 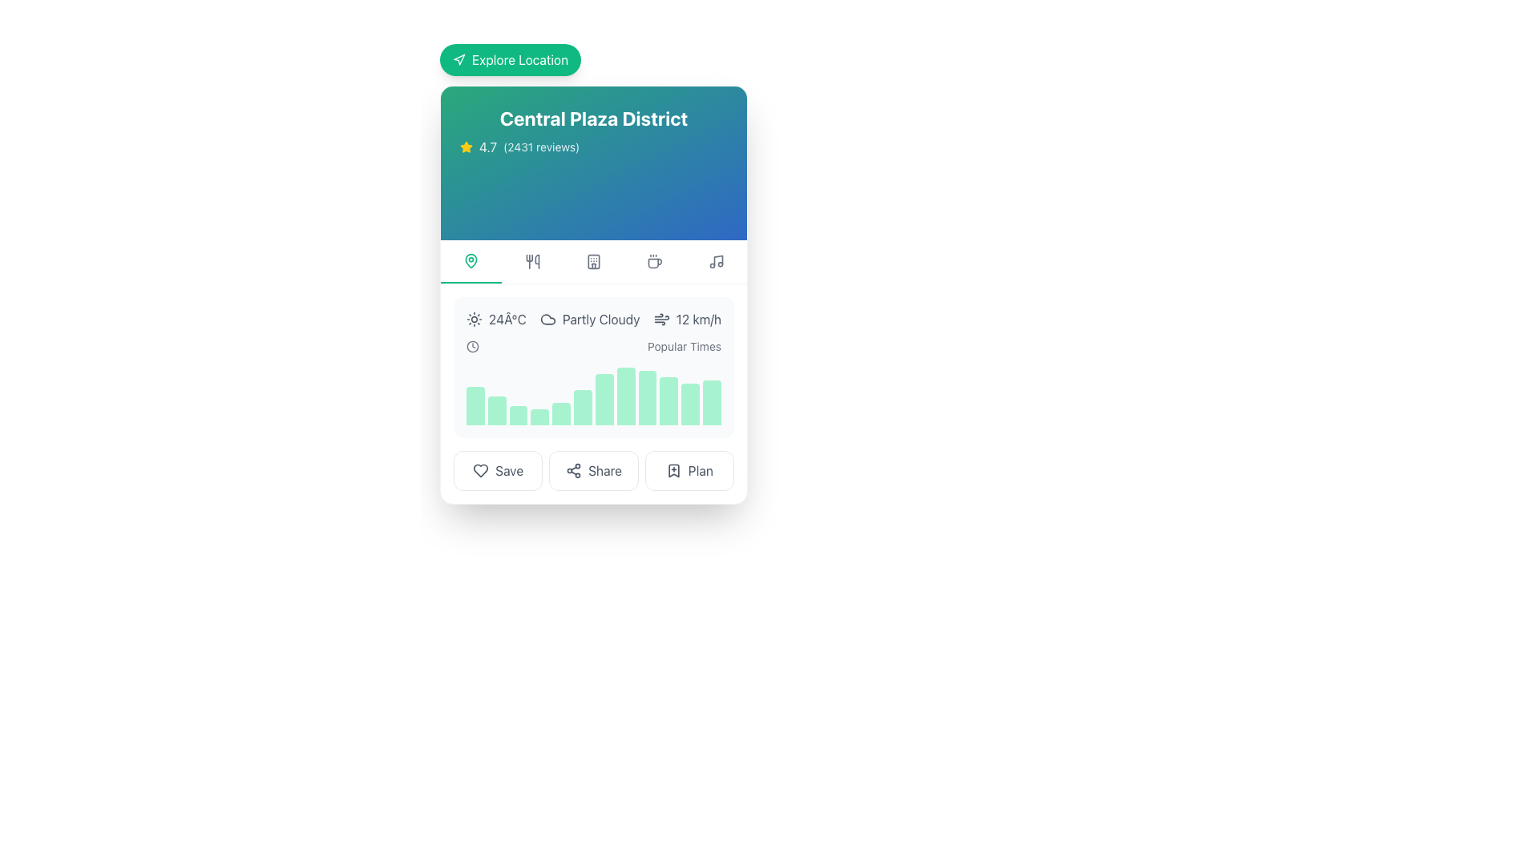 What do you see at coordinates (655, 263) in the screenshot?
I see `the coffee cup icon` at bounding box center [655, 263].